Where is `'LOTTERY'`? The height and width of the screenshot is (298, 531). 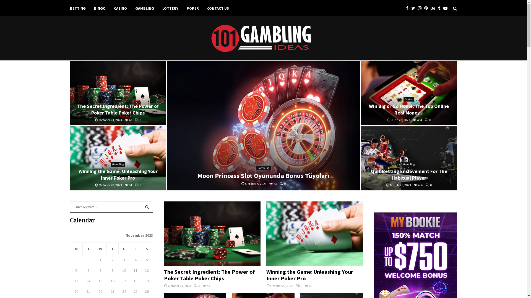
'LOTTERY' is located at coordinates (170, 8).